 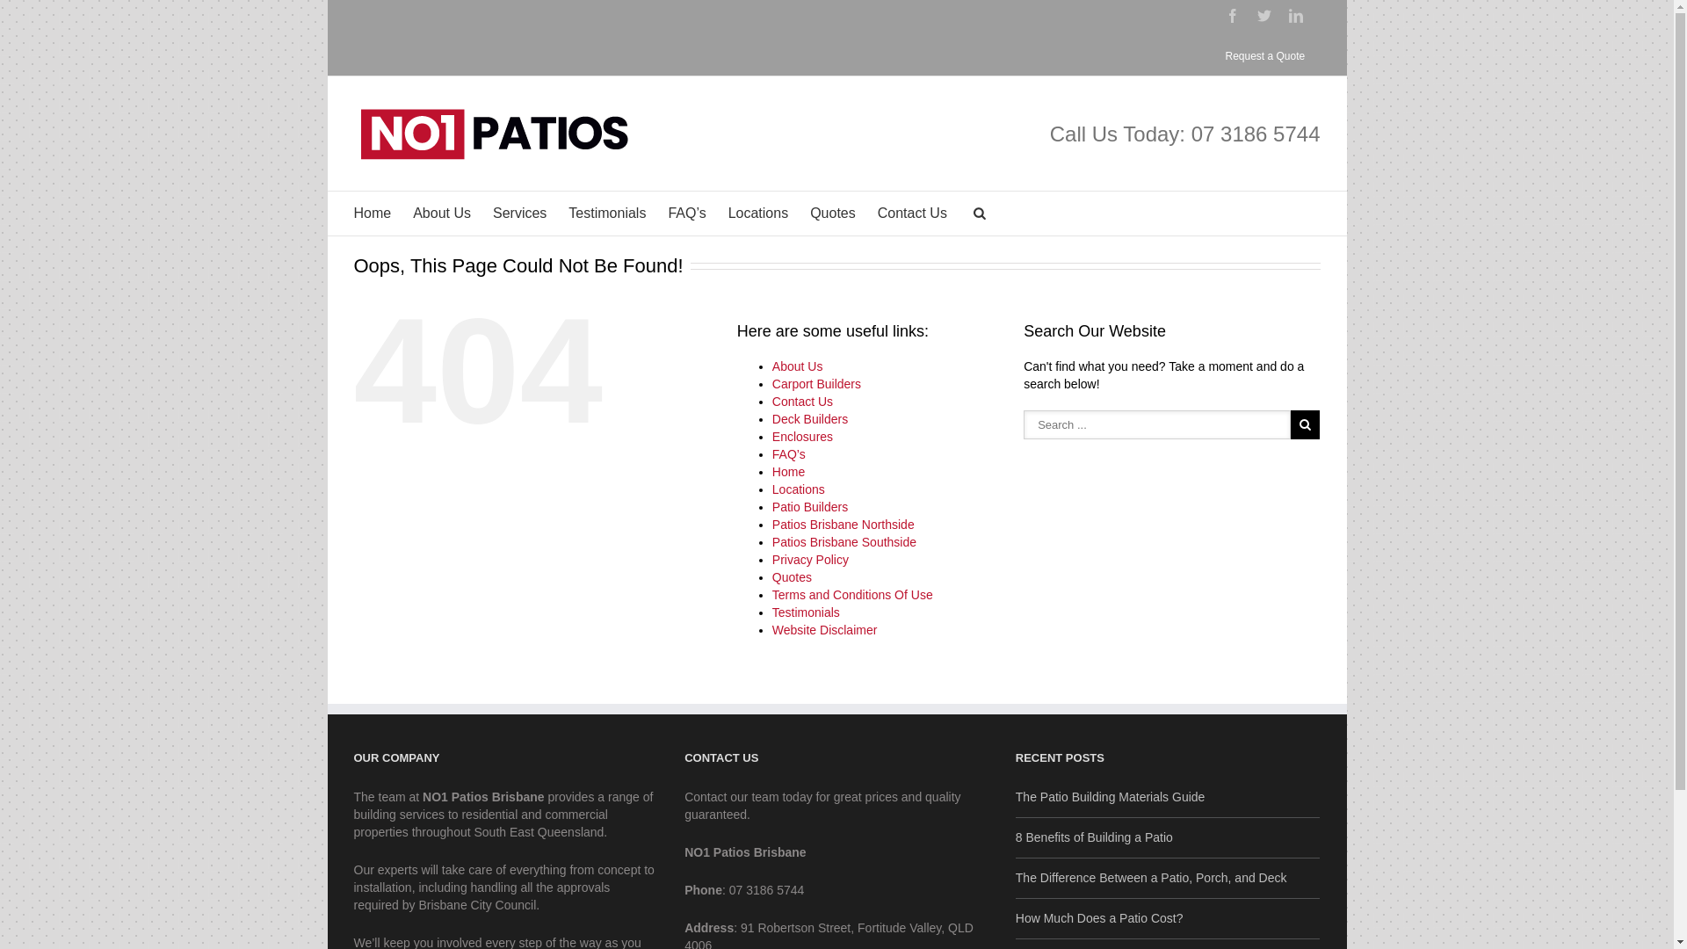 What do you see at coordinates (843, 524) in the screenshot?
I see `'Patios Brisbane Northside'` at bounding box center [843, 524].